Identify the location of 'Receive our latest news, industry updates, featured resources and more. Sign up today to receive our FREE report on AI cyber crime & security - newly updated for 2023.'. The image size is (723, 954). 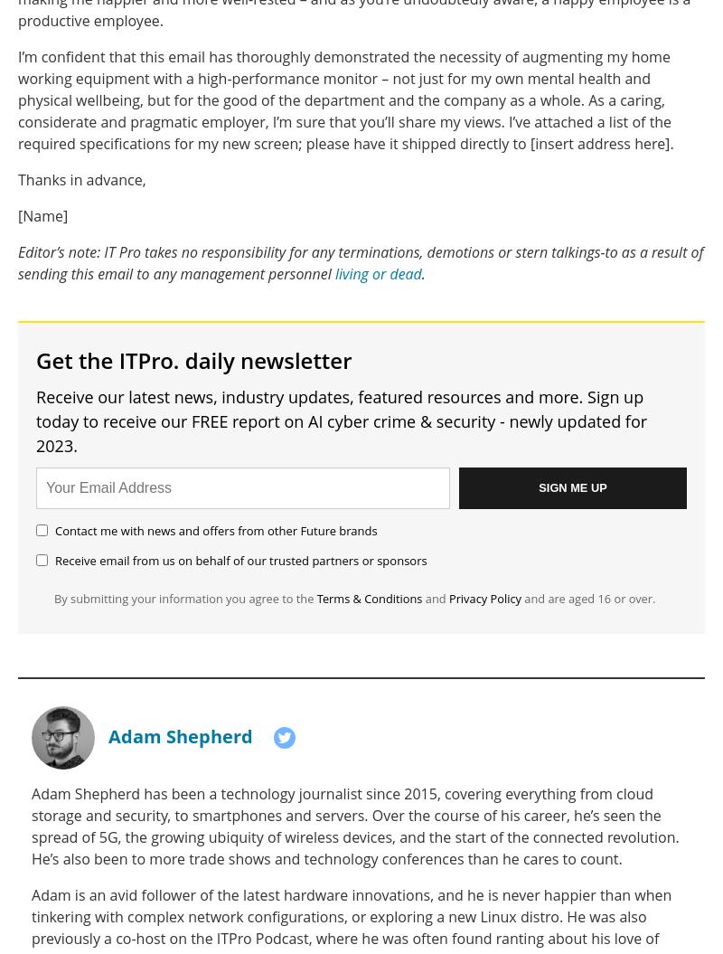
(341, 420).